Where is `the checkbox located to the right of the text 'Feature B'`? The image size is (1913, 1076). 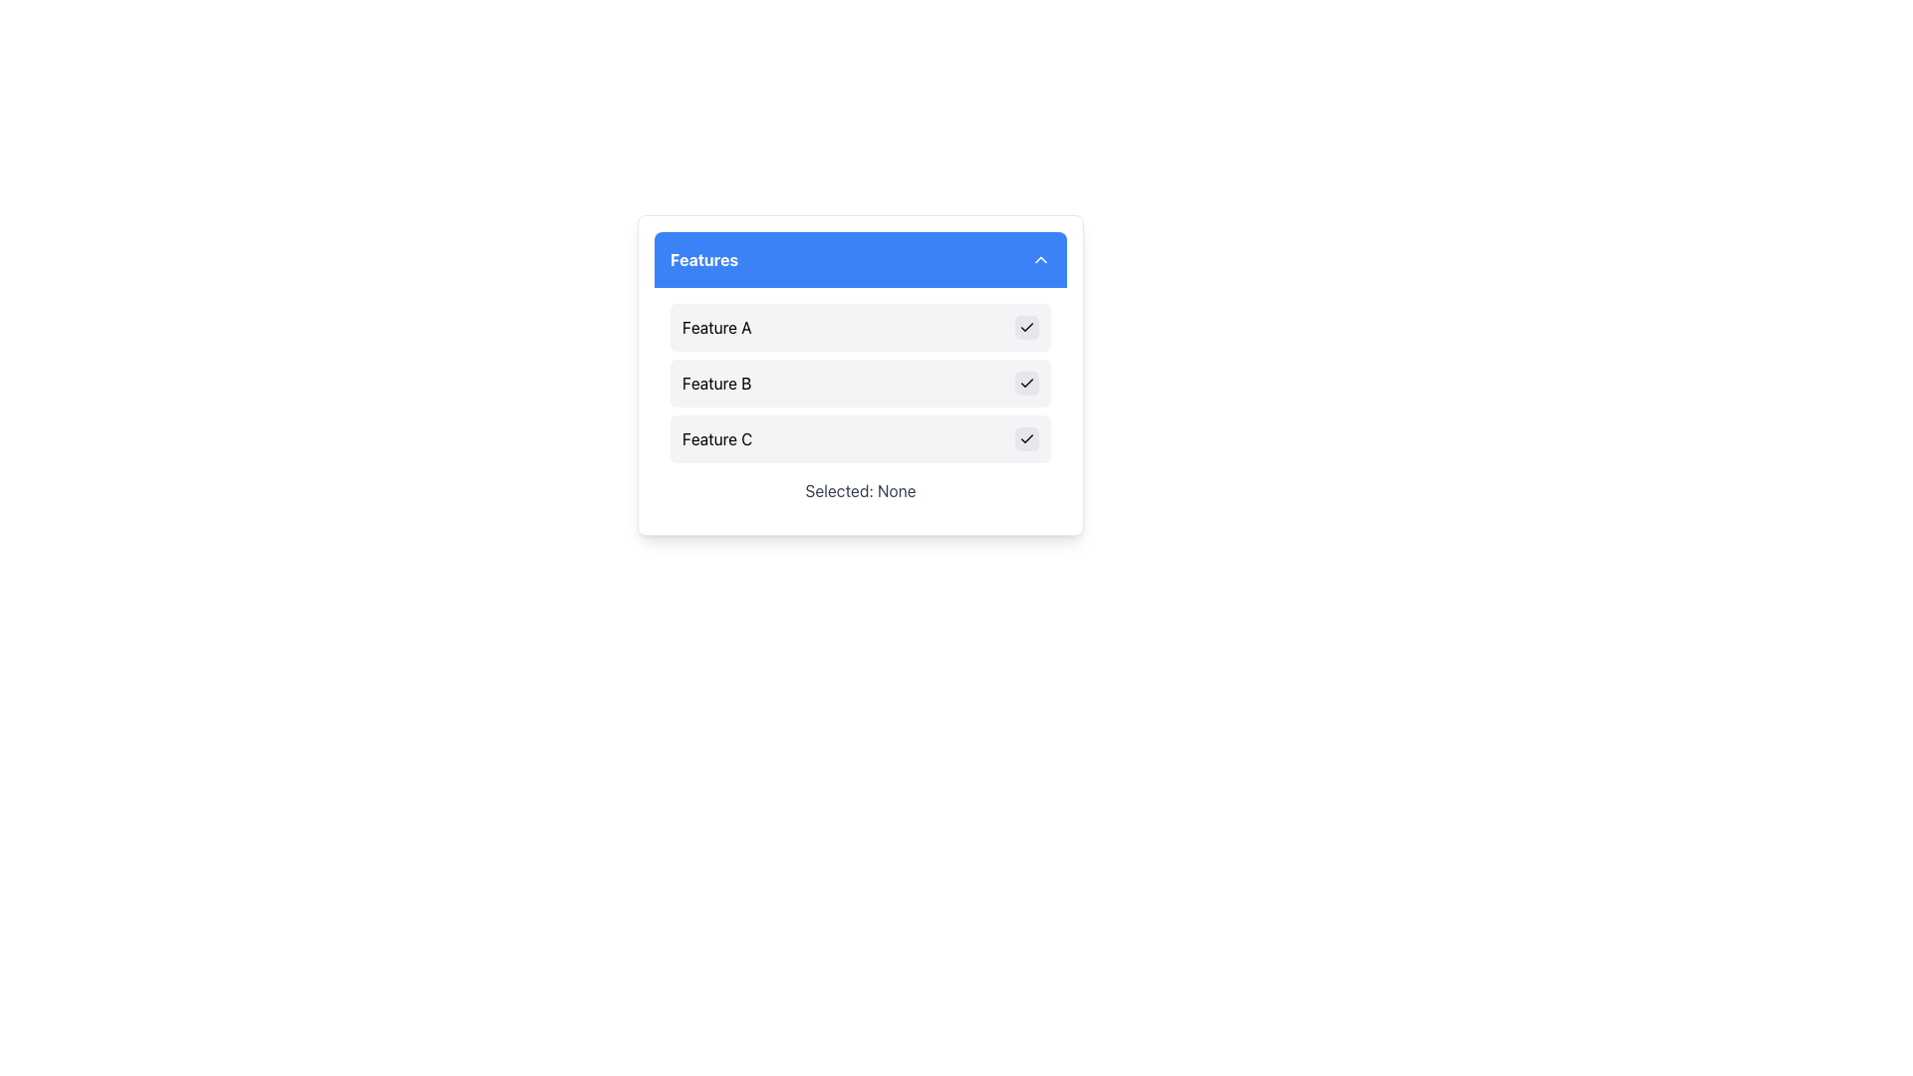 the checkbox located to the right of the text 'Feature B' is located at coordinates (1027, 384).